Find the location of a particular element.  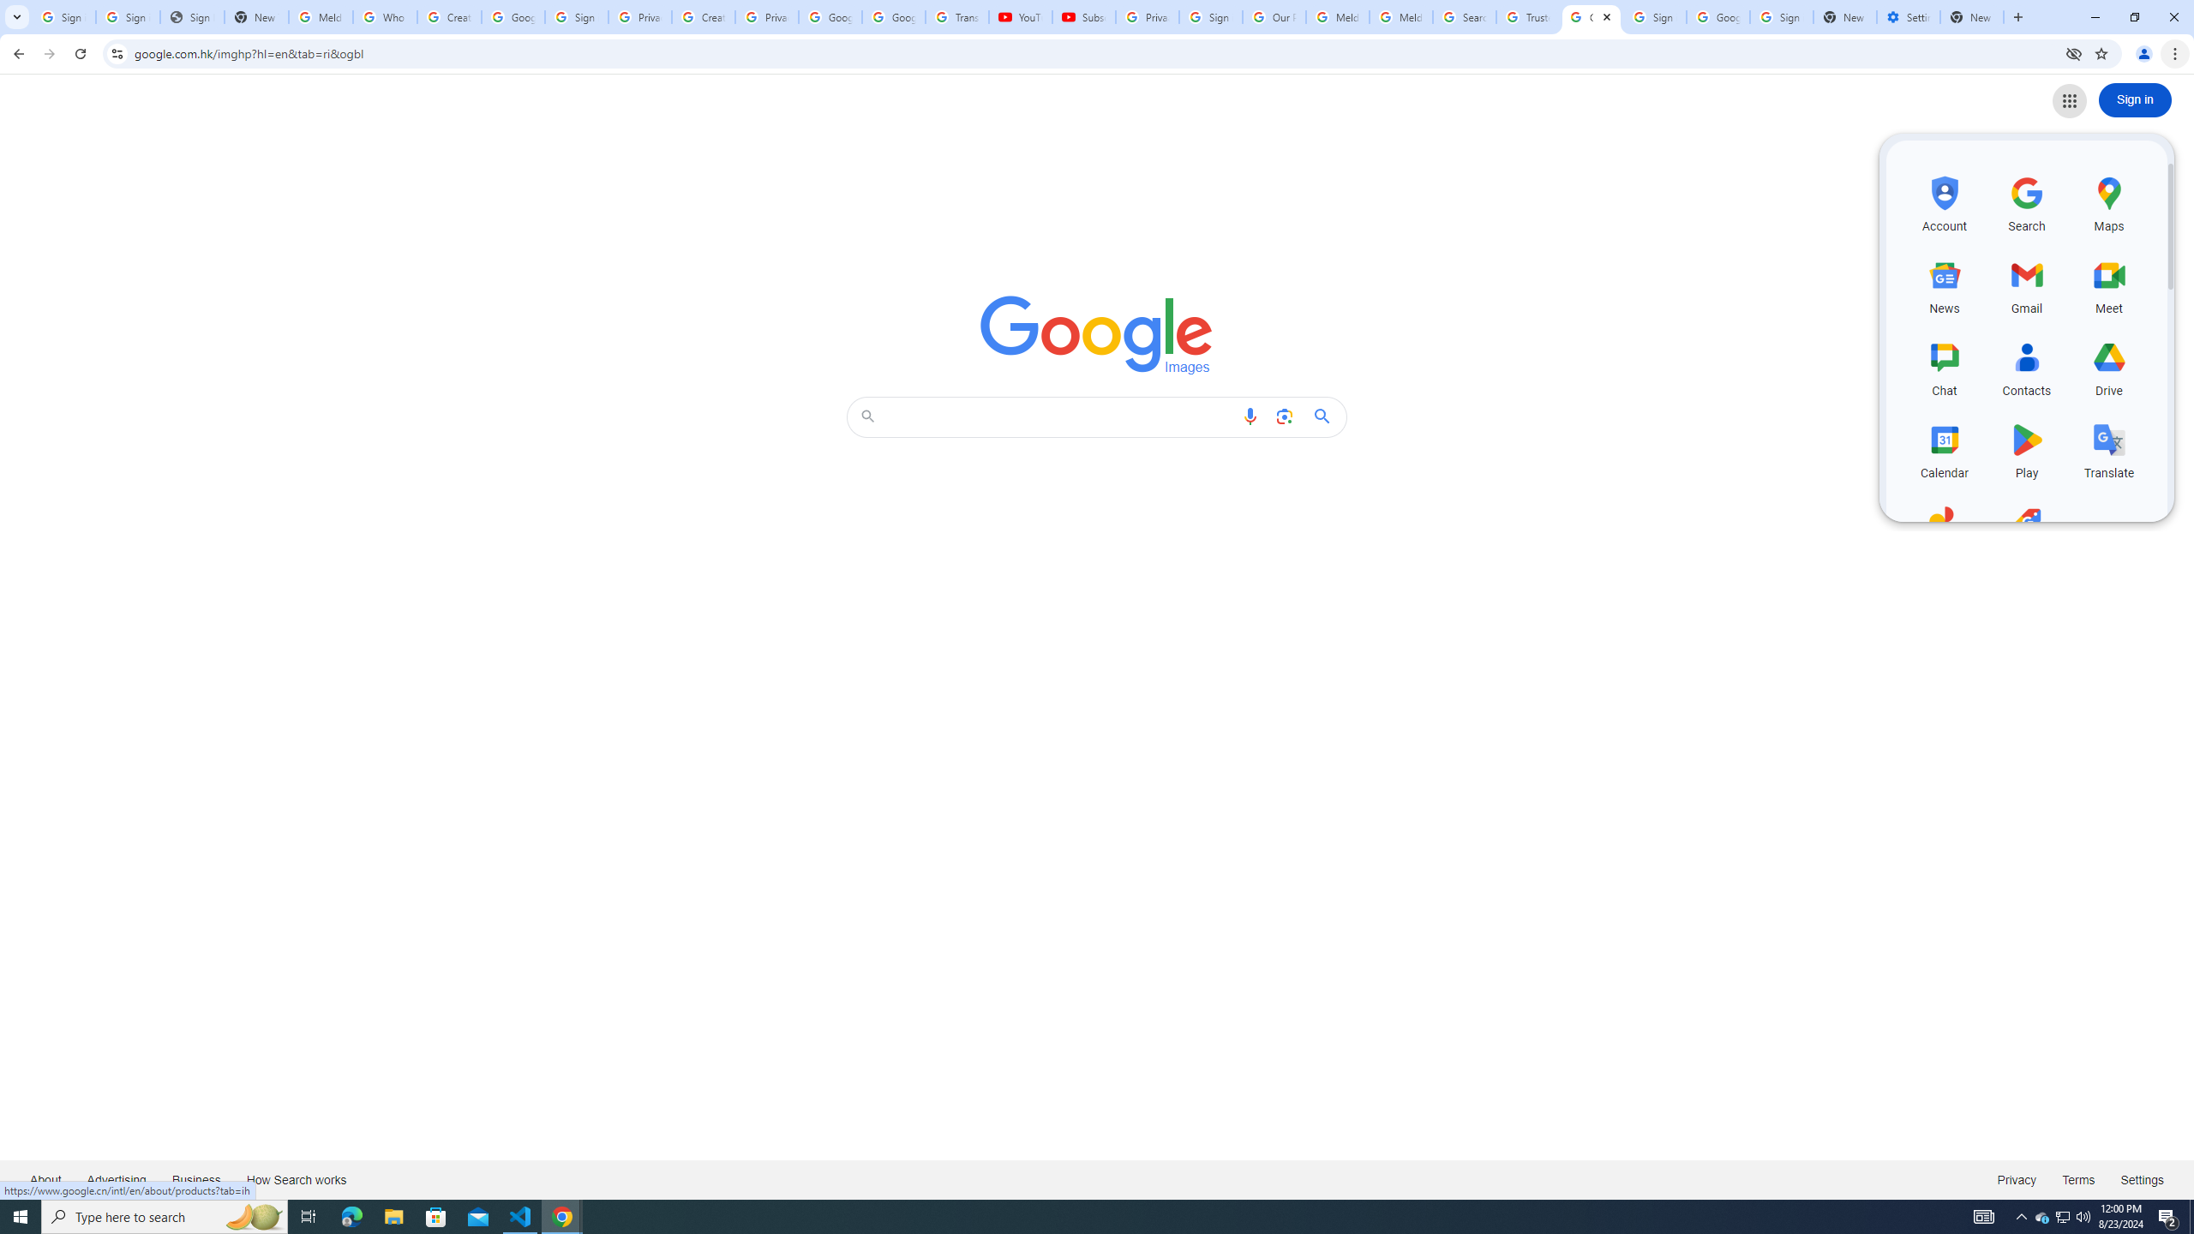

'Search by voice' is located at coordinates (1250, 416).